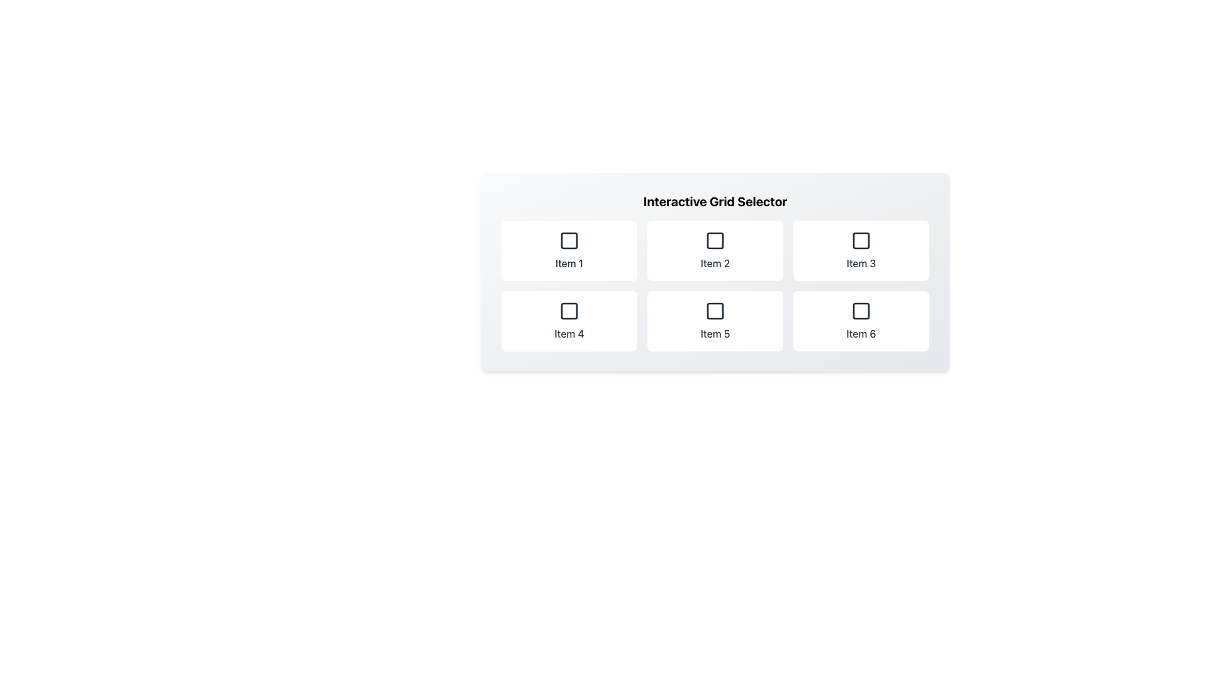 The image size is (1208, 679). I want to click on the Text Label displaying 'Item 1' located below the icon in the top-left item of a 2x3 grid layout, so click(568, 263).